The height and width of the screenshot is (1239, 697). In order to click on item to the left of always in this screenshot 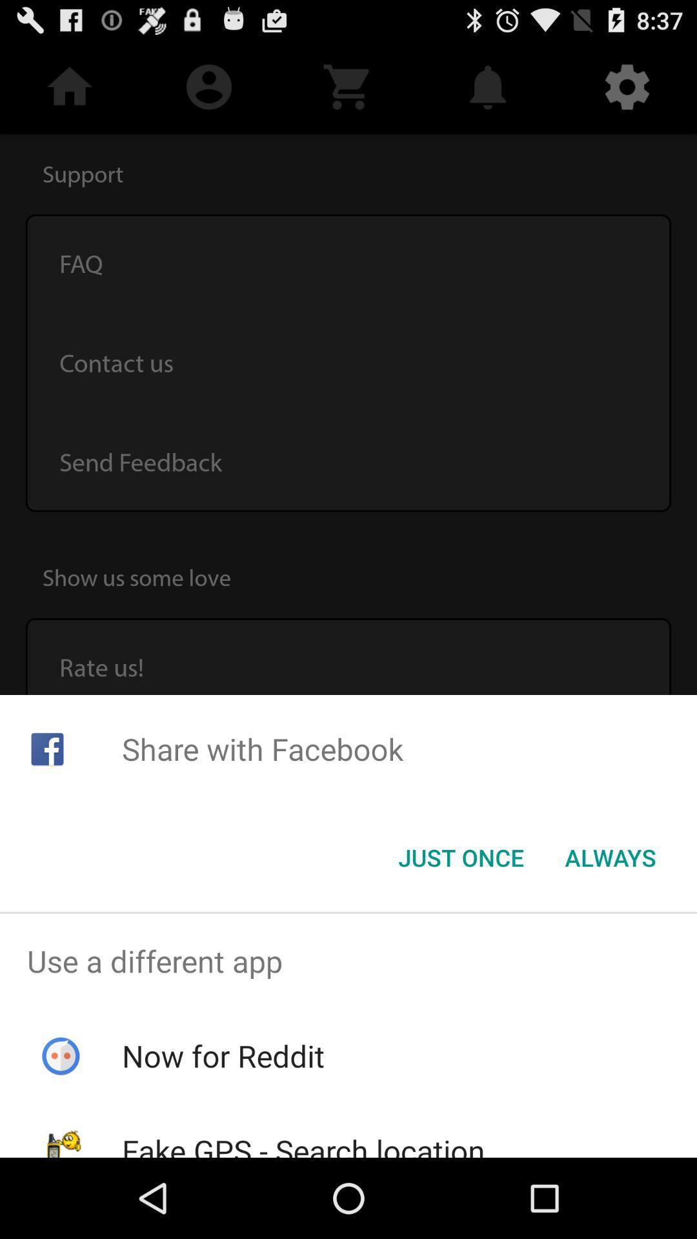, I will do `click(460, 858)`.